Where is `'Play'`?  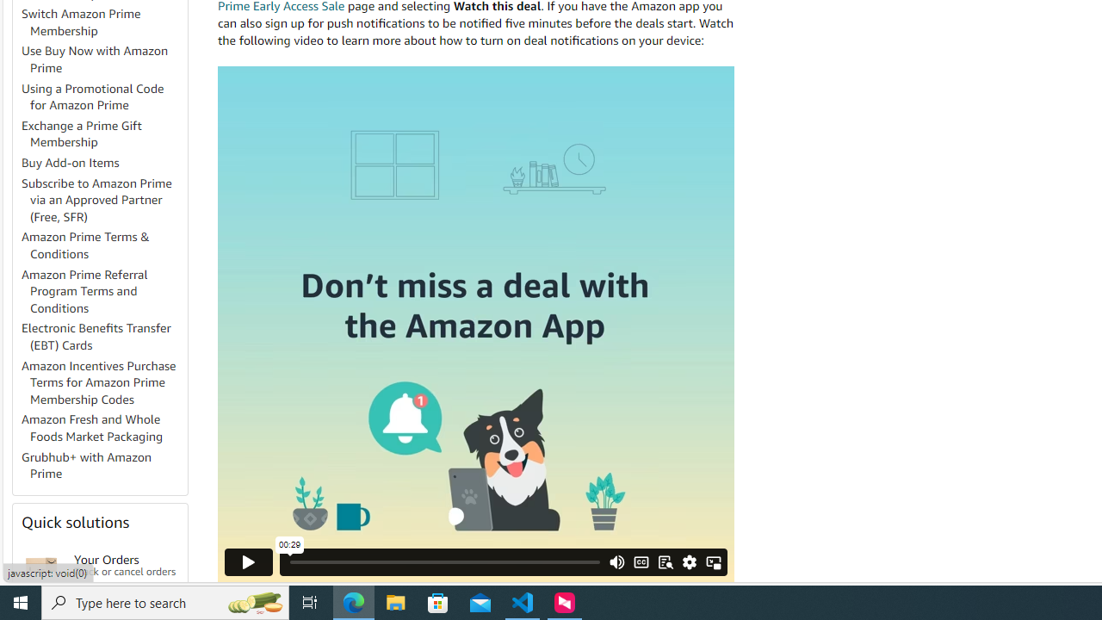 'Play' is located at coordinates (248, 561).